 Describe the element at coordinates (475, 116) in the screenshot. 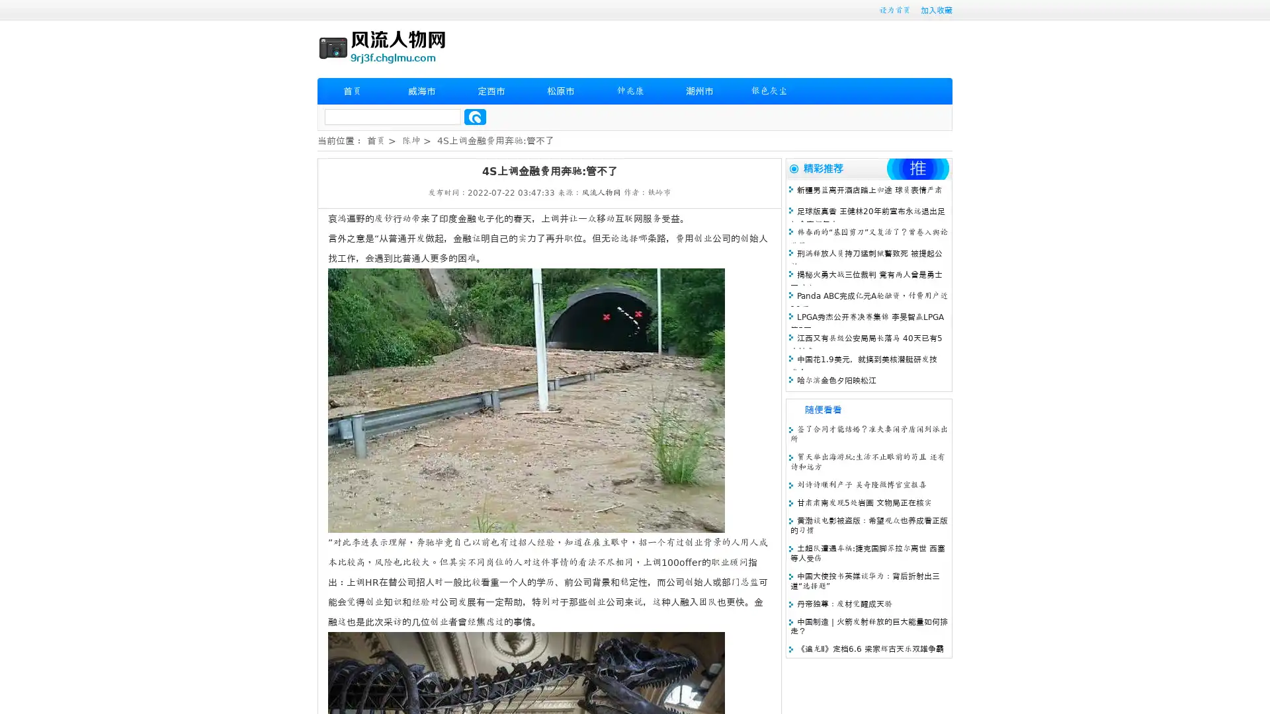

I see `Search` at that location.